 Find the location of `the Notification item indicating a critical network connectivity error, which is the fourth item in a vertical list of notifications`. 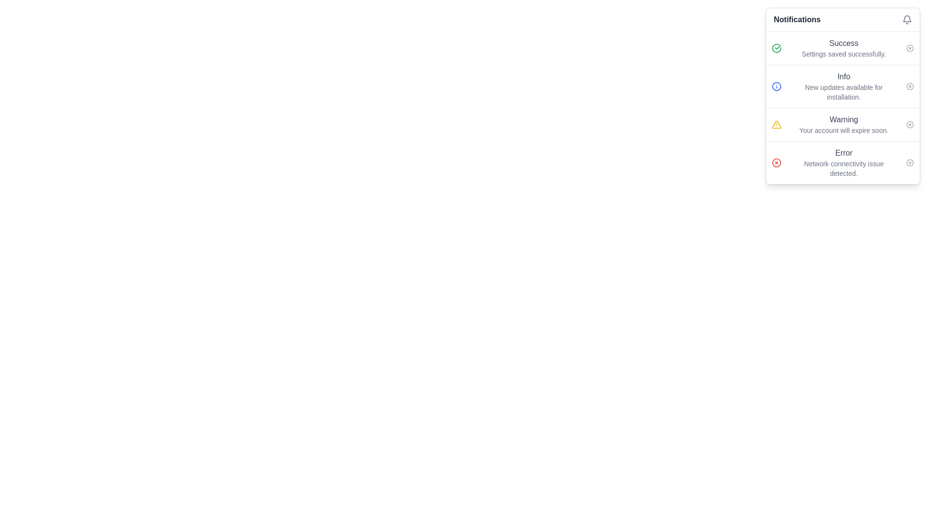

the Notification item indicating a critical network connectivity error, which is the fourth item in a vertical list of notifications is located at coordinates (842, 162).